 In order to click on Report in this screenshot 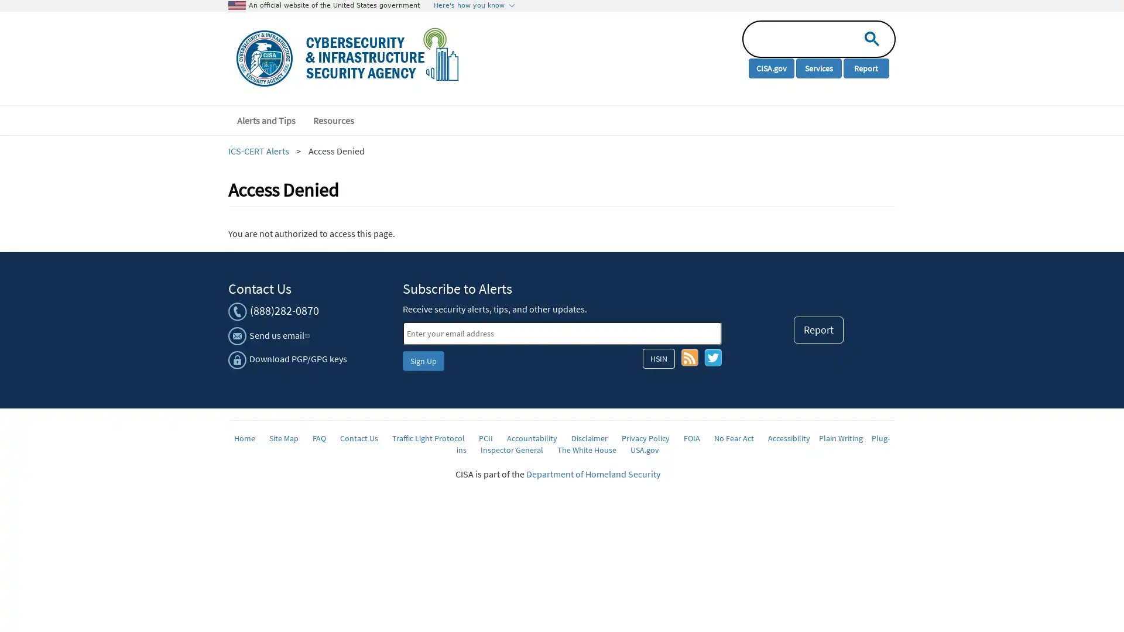, I will do `click(818, 329)`.